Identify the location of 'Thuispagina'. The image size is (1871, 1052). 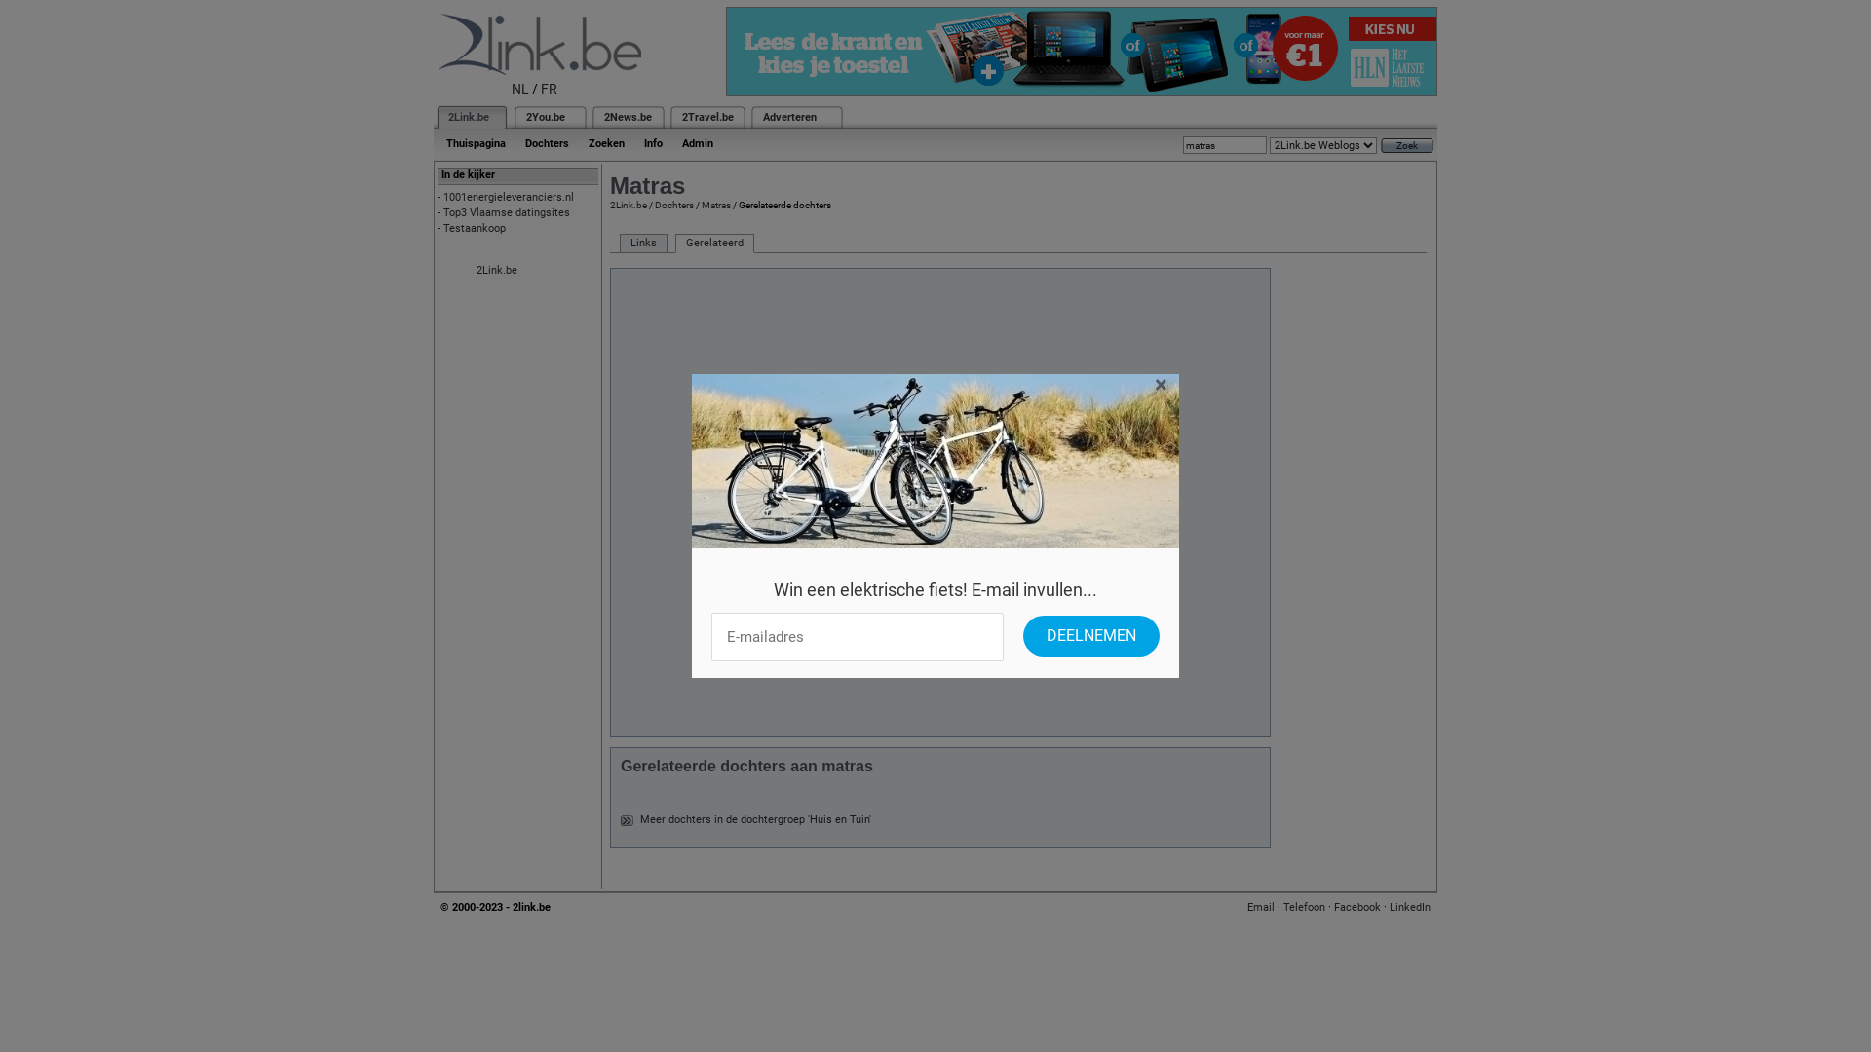
(476, 142).